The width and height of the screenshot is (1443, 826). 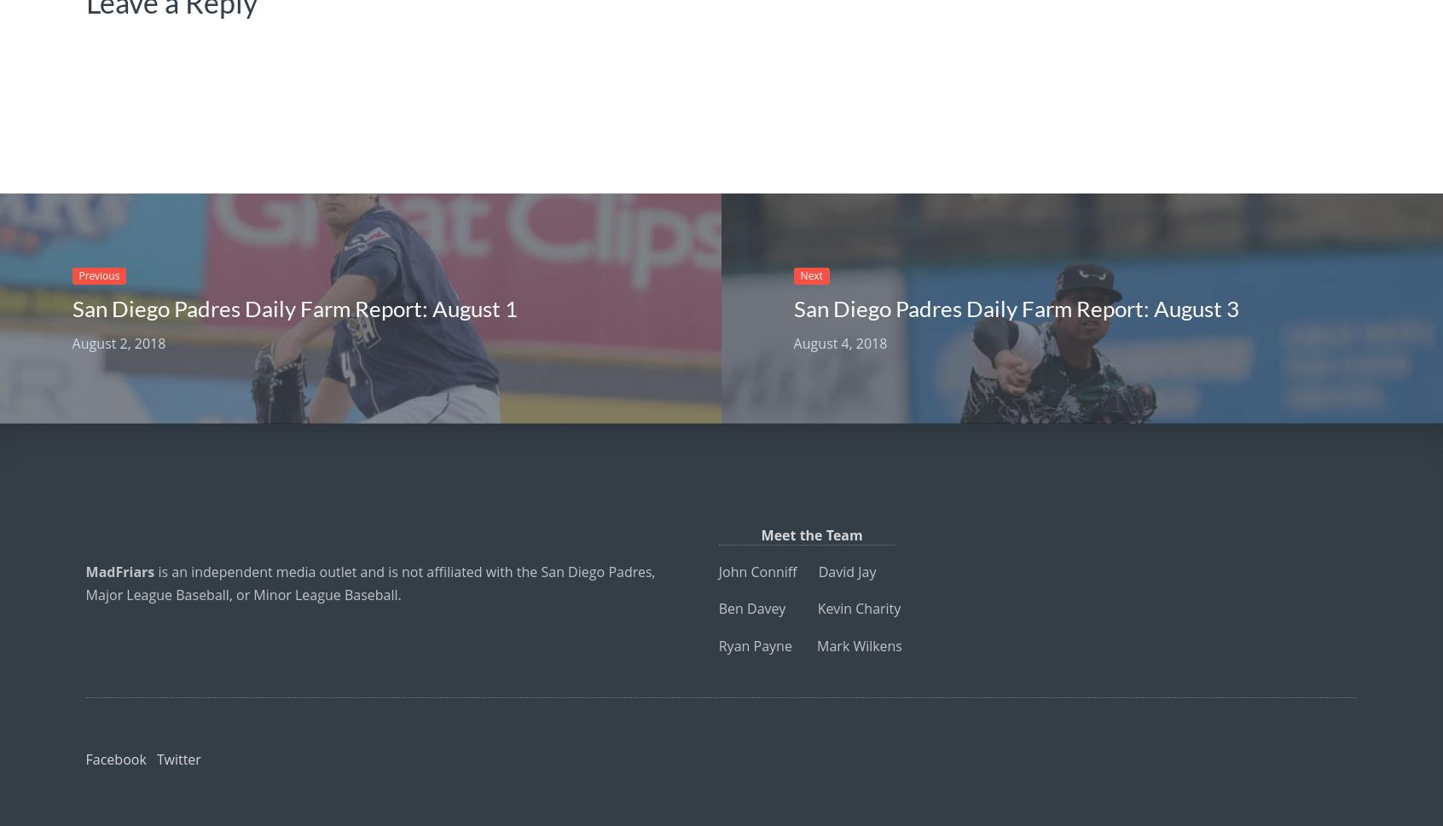 I want to click on 'Meet the Team', so click(x=806, y=535).